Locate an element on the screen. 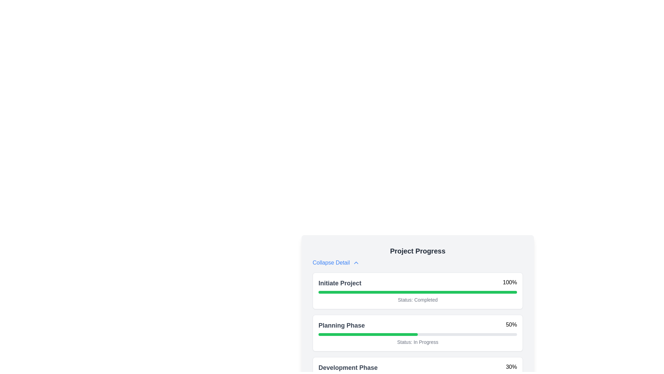  the interactive toggle button located beneath the 'Project Progress' header is located at coordinates (336, 263).